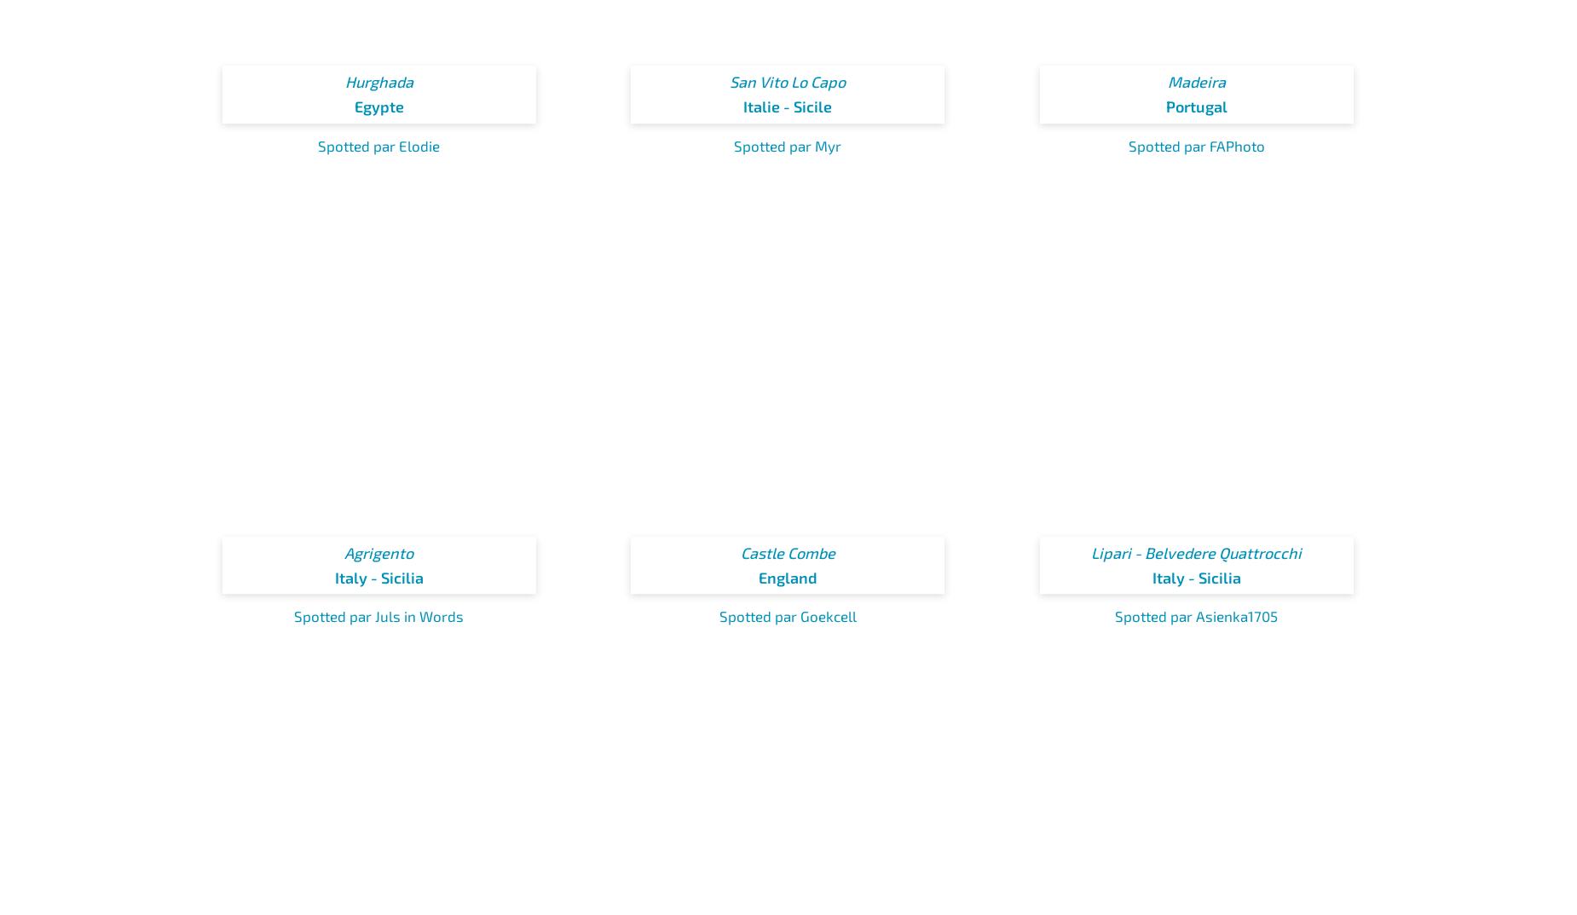 This screenshot has height=915, width=1577. I want to click on 'Egypte', so click(378, 106).